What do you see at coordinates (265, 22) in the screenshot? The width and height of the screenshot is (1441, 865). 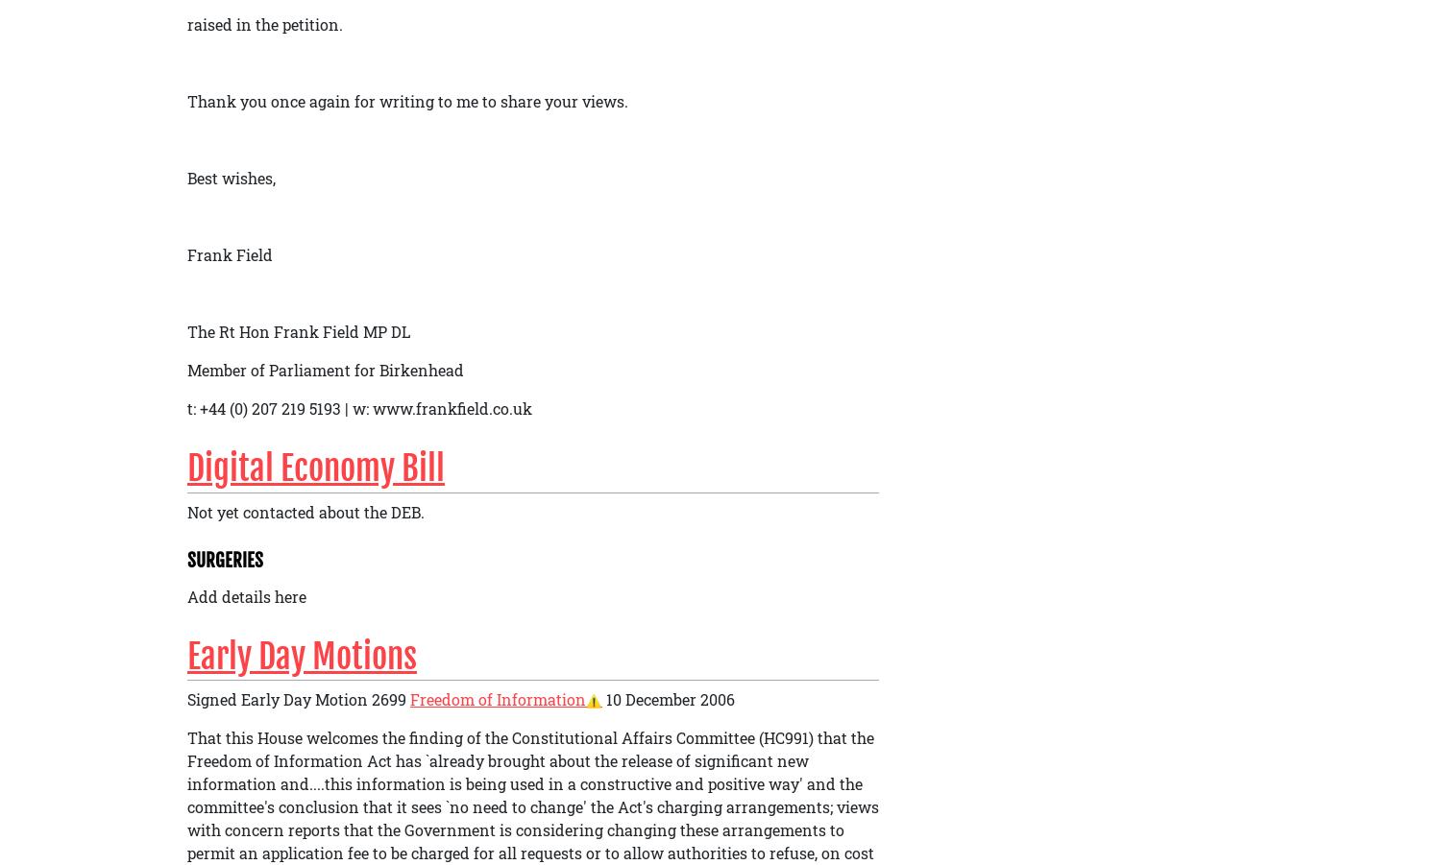 I see `'raised in the petition.'` at bounding box center [265, 22].